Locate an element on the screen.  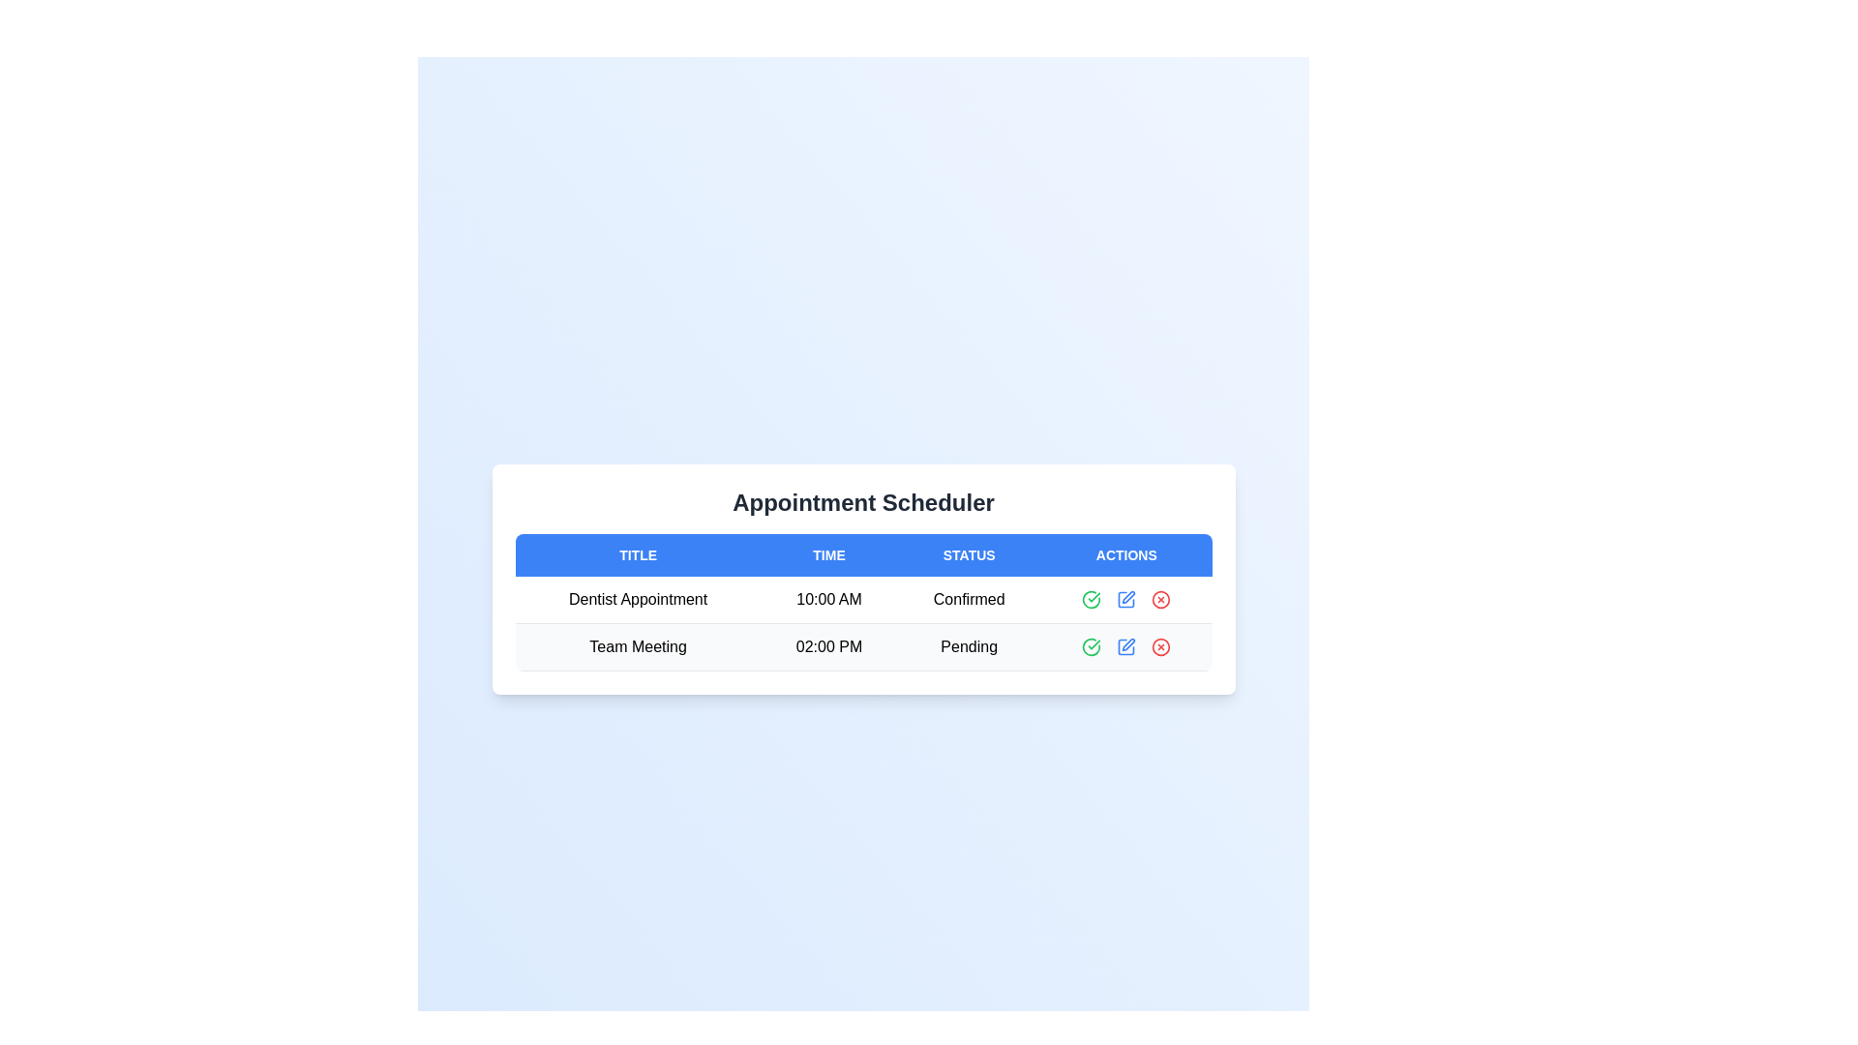
the Icon button for editing the corresponding row in the table is located at coordinates (1126, 599).